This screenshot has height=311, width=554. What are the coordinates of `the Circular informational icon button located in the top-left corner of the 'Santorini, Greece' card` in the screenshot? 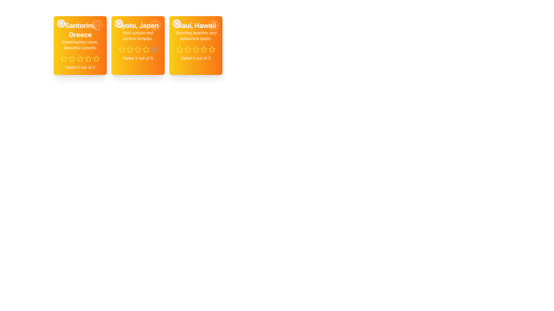 It's located at (61, 23).